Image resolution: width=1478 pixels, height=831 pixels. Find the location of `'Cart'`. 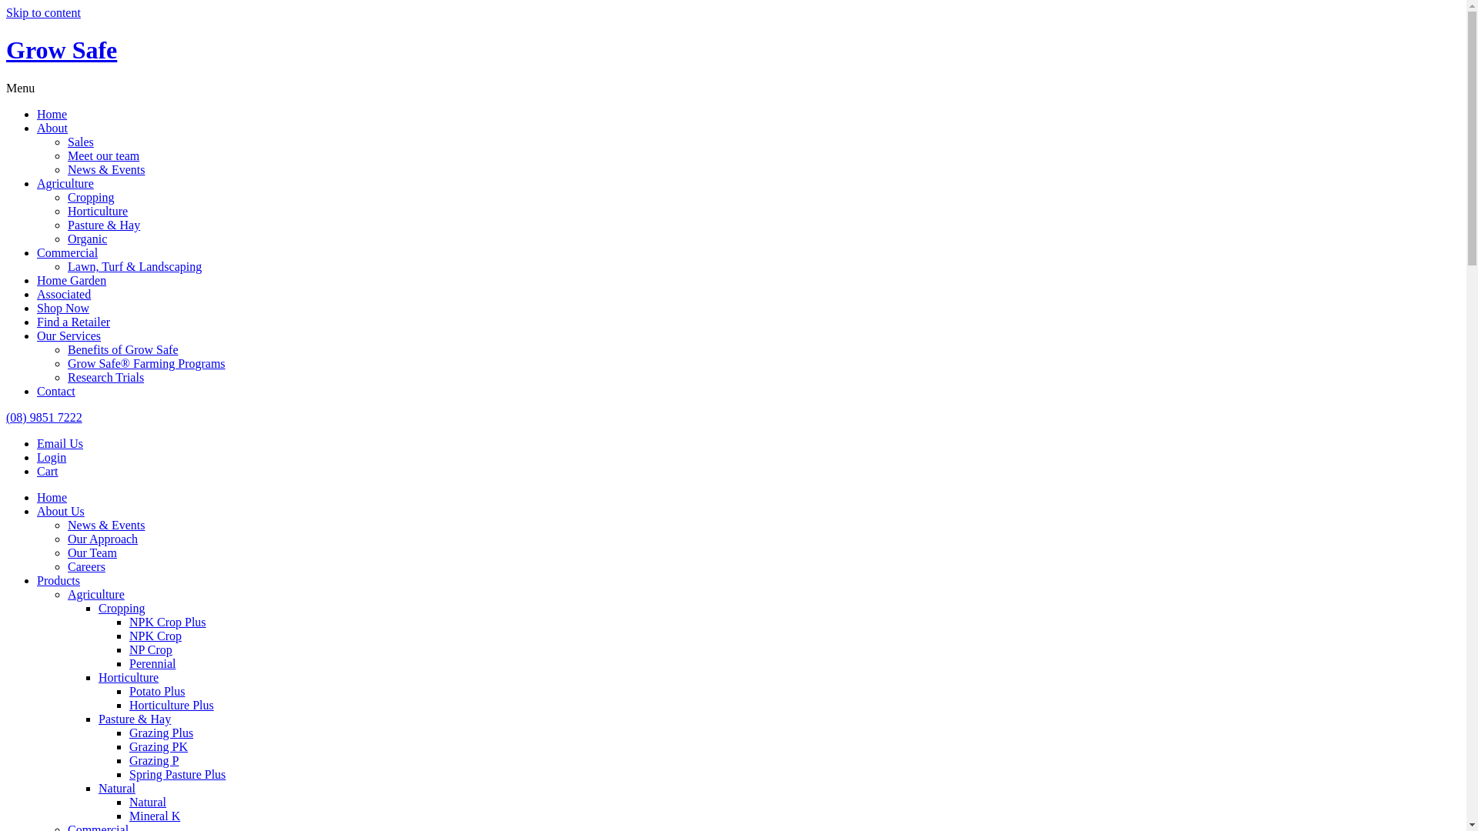

'Cart' is located at coordinates (48, 470).